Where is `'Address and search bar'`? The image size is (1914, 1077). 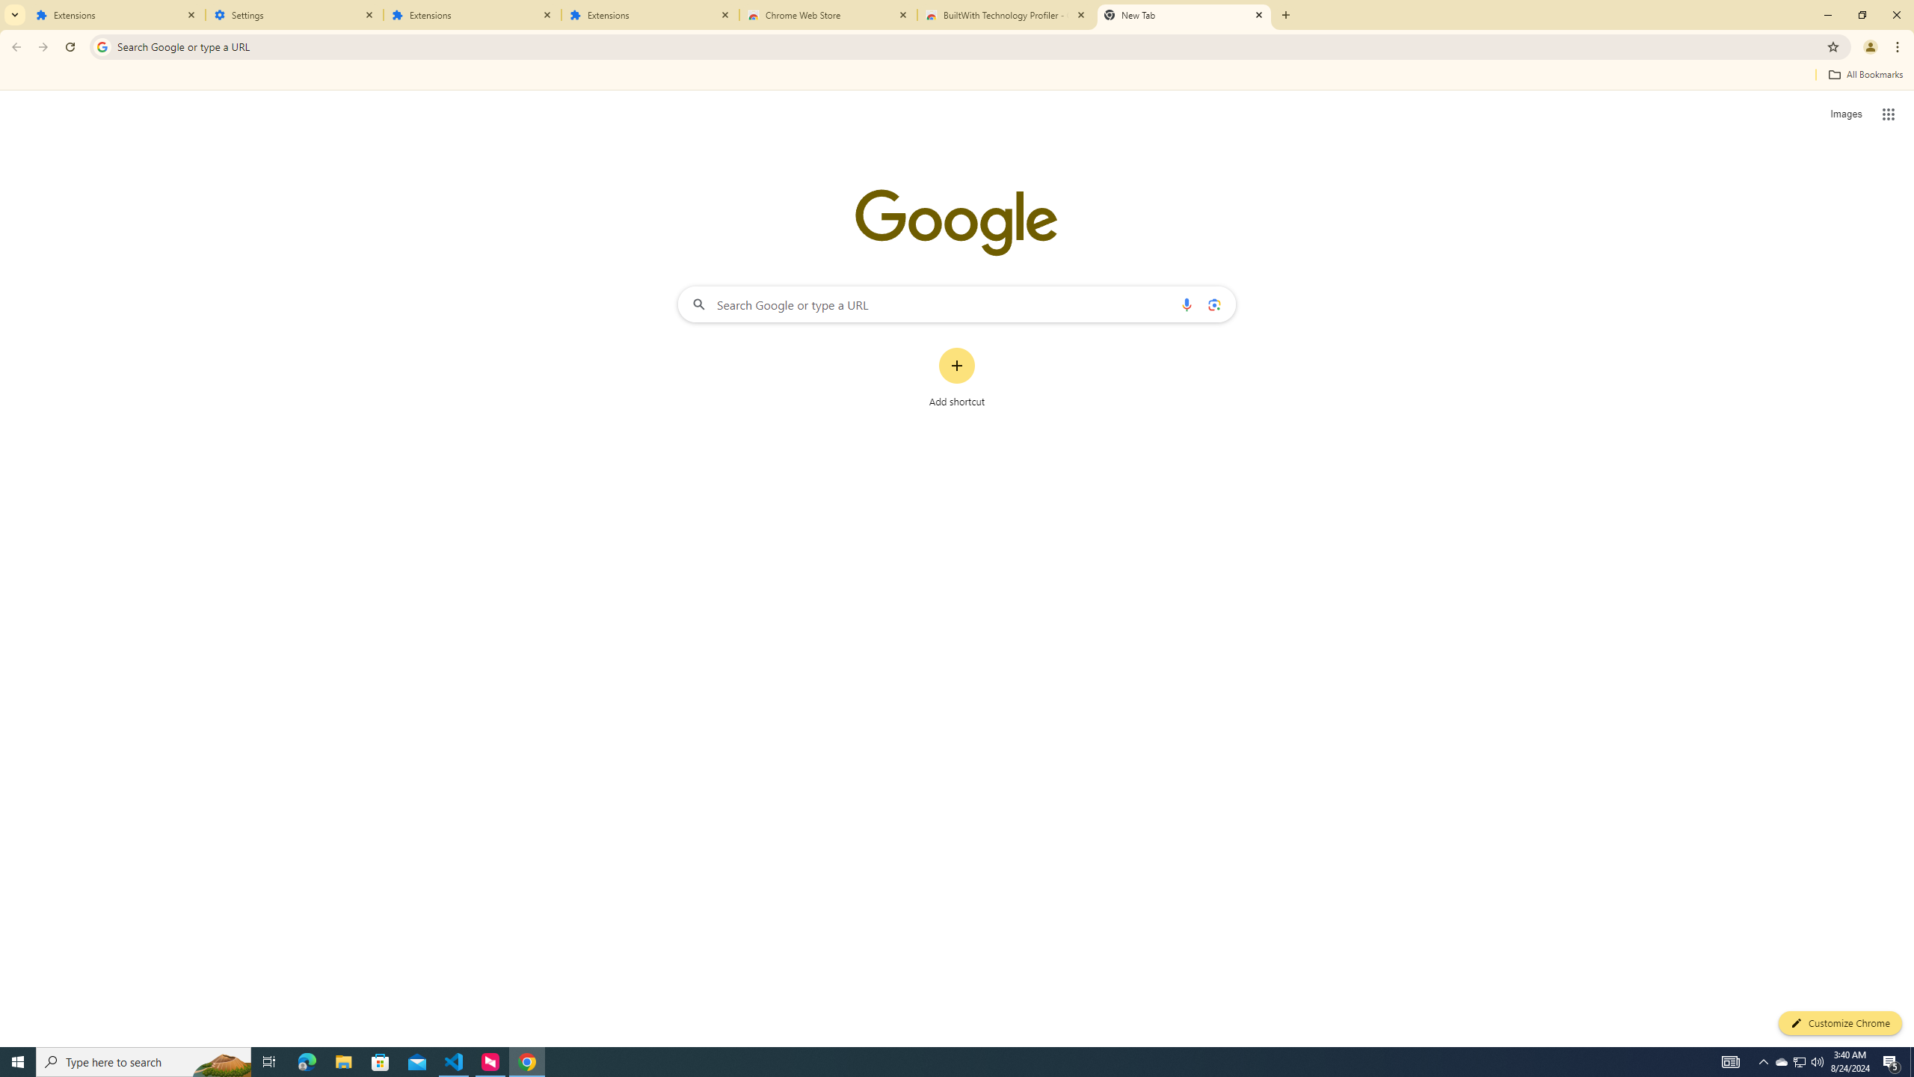 'Address and search bar' is located at coordinates (967, 46).